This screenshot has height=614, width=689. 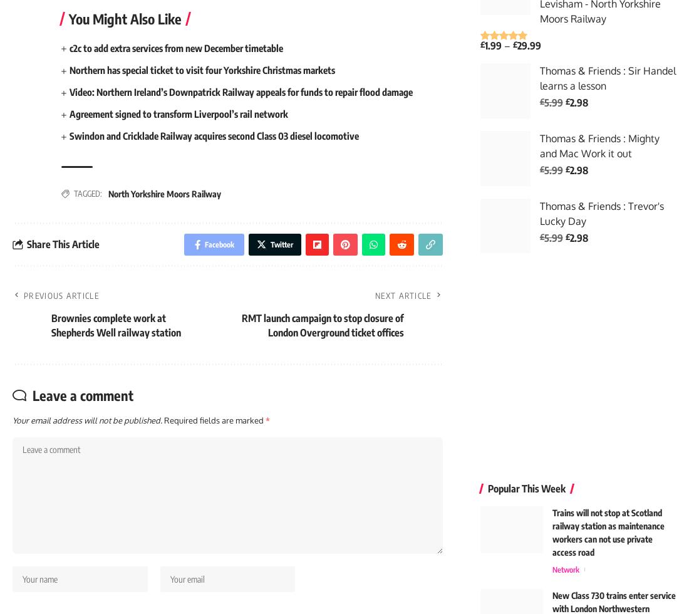 What do you see at coordinates (374, 301) in the screenshot?
I see `'Next Article'` at bounding box center [374, 301].